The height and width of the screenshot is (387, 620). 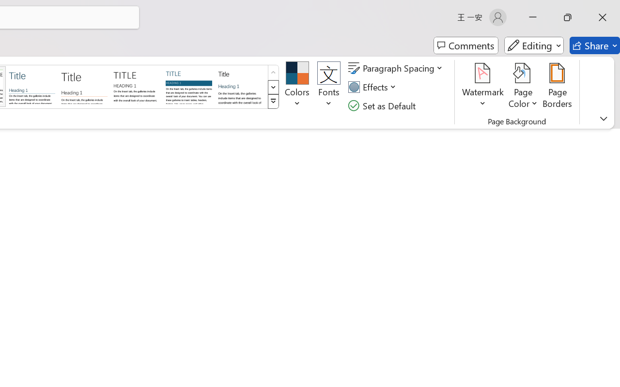 I want to click on 'Editing', so click(x=533, y=45).